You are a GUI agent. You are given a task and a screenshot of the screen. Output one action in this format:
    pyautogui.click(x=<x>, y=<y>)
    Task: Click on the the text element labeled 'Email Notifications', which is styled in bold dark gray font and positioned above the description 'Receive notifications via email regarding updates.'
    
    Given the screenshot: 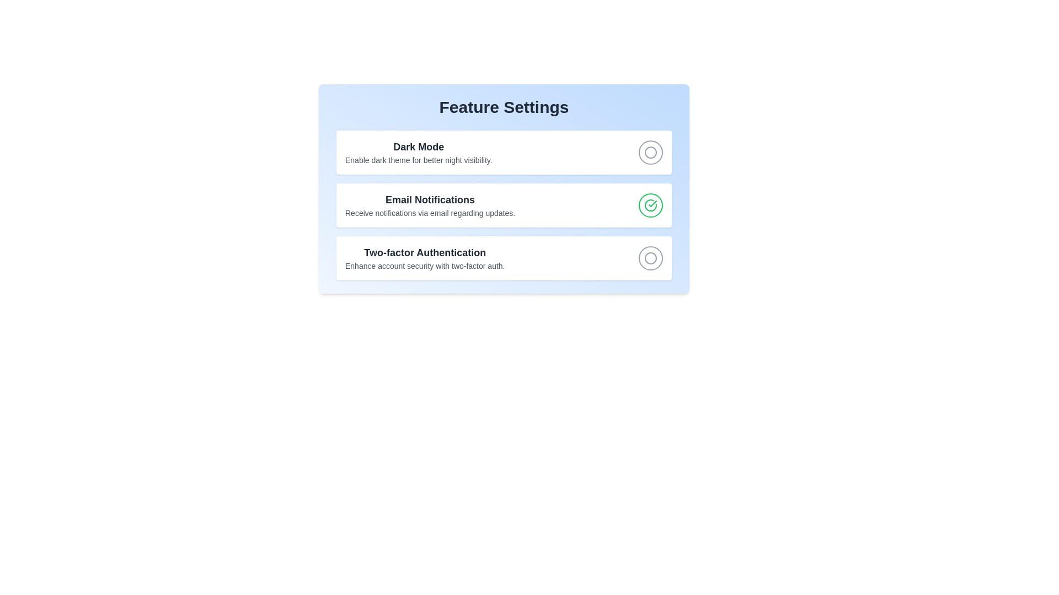 What is the action you would take?
    pyautogui.click(x=430, y=199)
    